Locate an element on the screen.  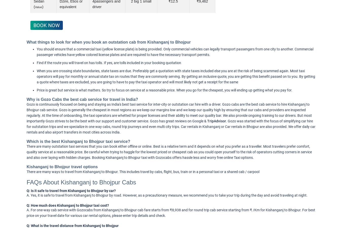
'Find if the route you will travel on has tolls. If yes, are tolls included in your booking quotation' is located at coordinates (109, 63).